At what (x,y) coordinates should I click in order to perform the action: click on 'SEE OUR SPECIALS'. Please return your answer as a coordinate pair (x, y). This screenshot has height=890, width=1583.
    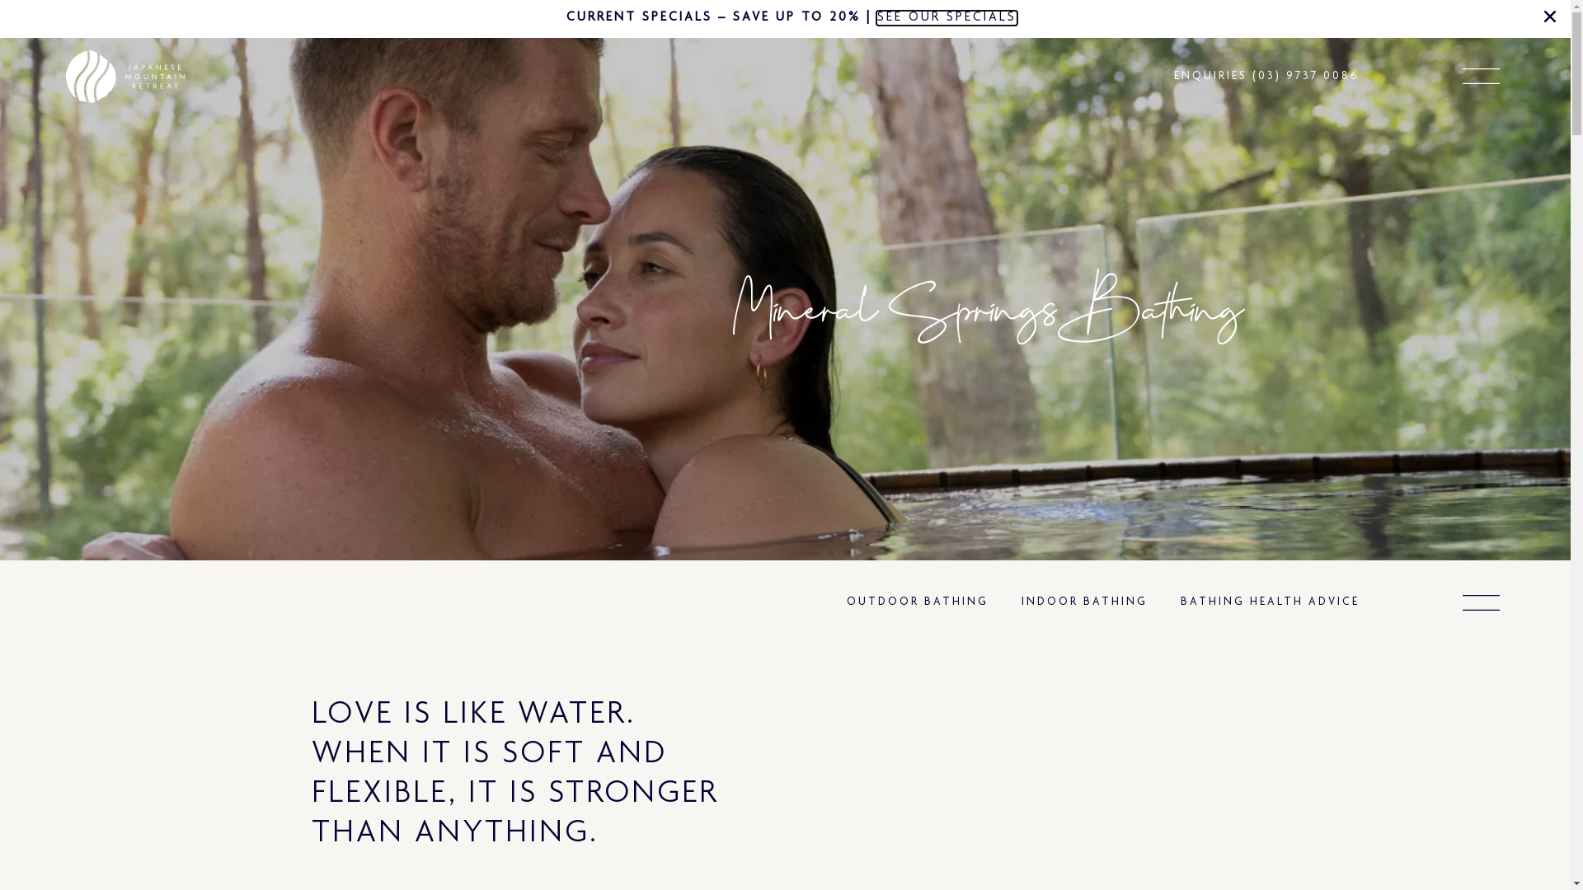
    Looking at the image, I should click on (947, 18).